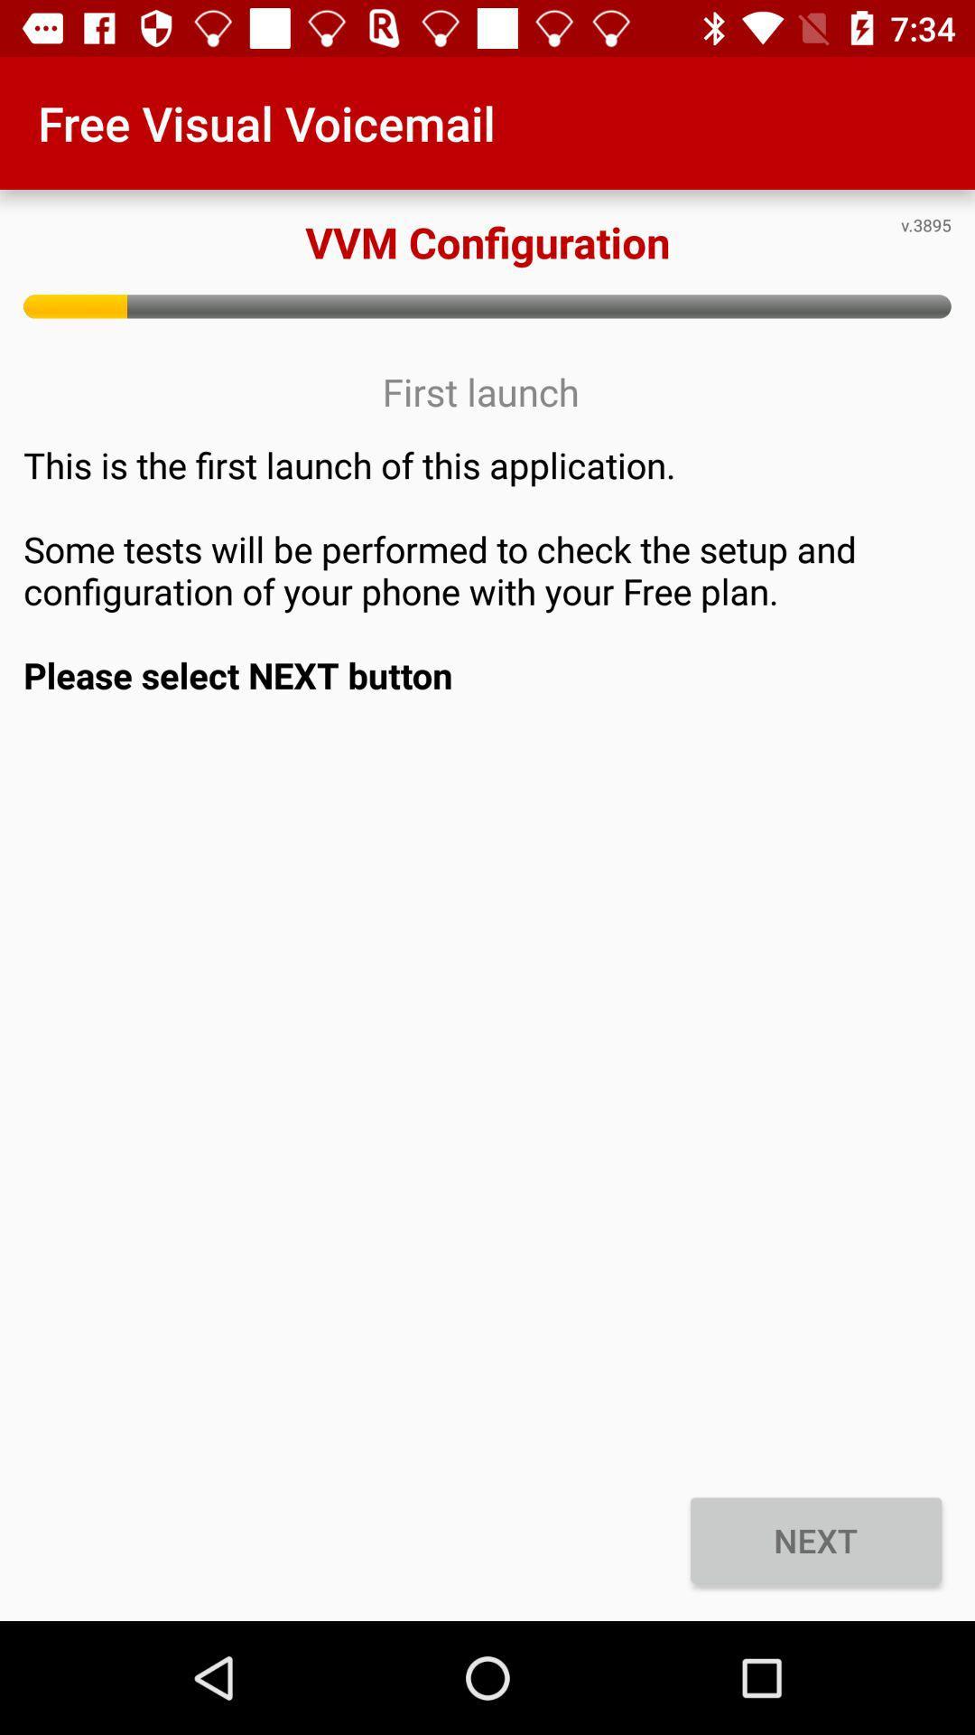 The height and width of the screenshot is (1735, 975). What do you see at coordinates (816, 1539) in the screenshot?
I see `next icon` at bounding box center [816, 1539].